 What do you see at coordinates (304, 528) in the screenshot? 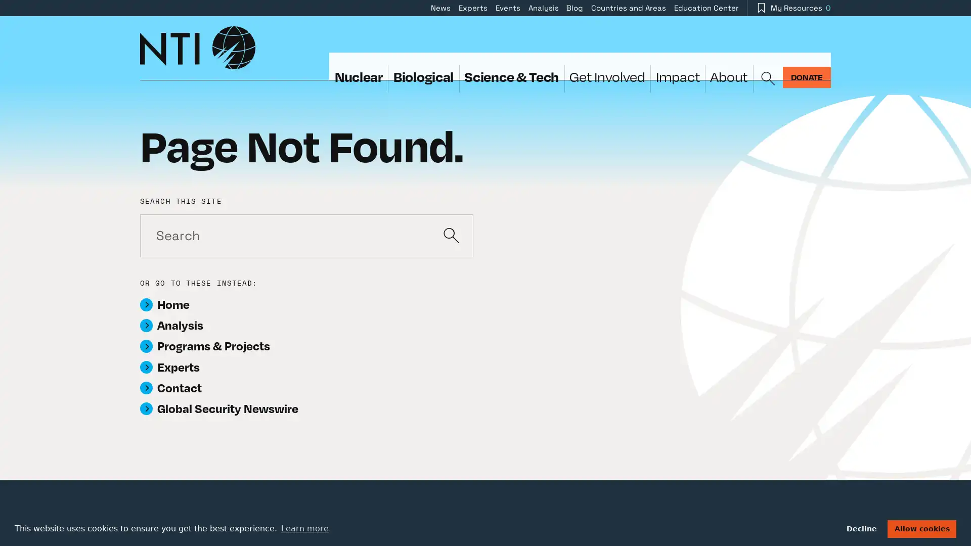
I see `learn more about cookies` at bounding box center [304, 528].